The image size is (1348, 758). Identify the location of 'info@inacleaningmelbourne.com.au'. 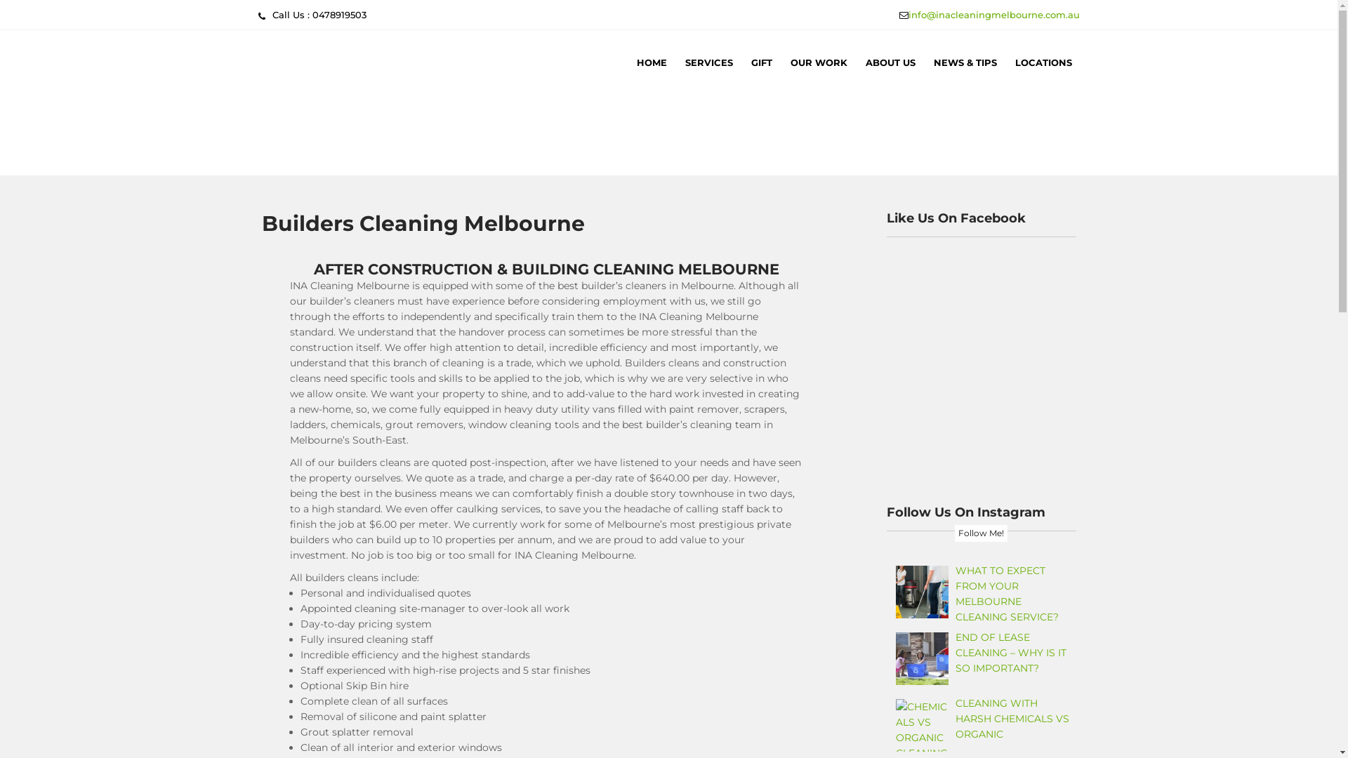
(993, 14).